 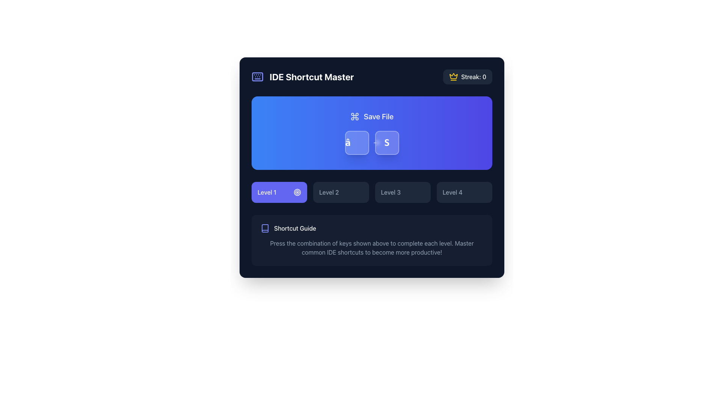 I want to click on the static text label indicating 'Level 2', which is positioned between the 'Level 1' button and the 'Level 3' button, so click(x=329, y=192).